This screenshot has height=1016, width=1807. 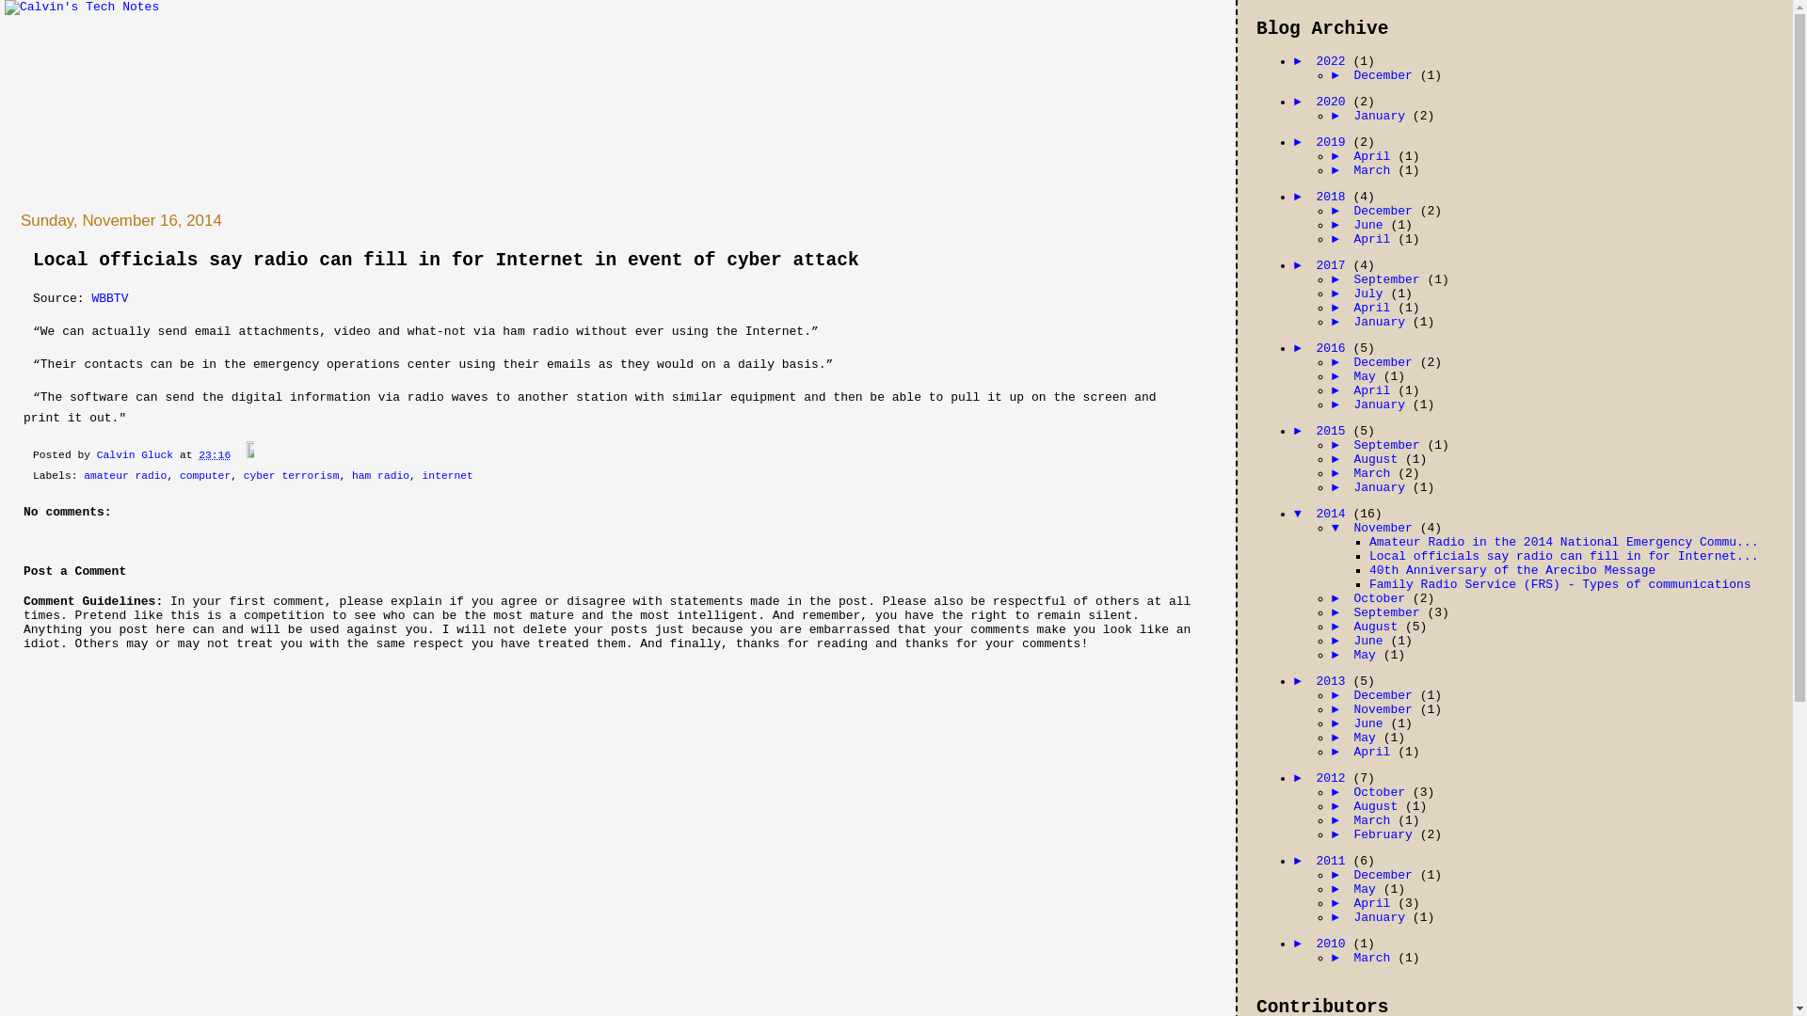 I want to click on '2019', so click(x=1333, y=141).